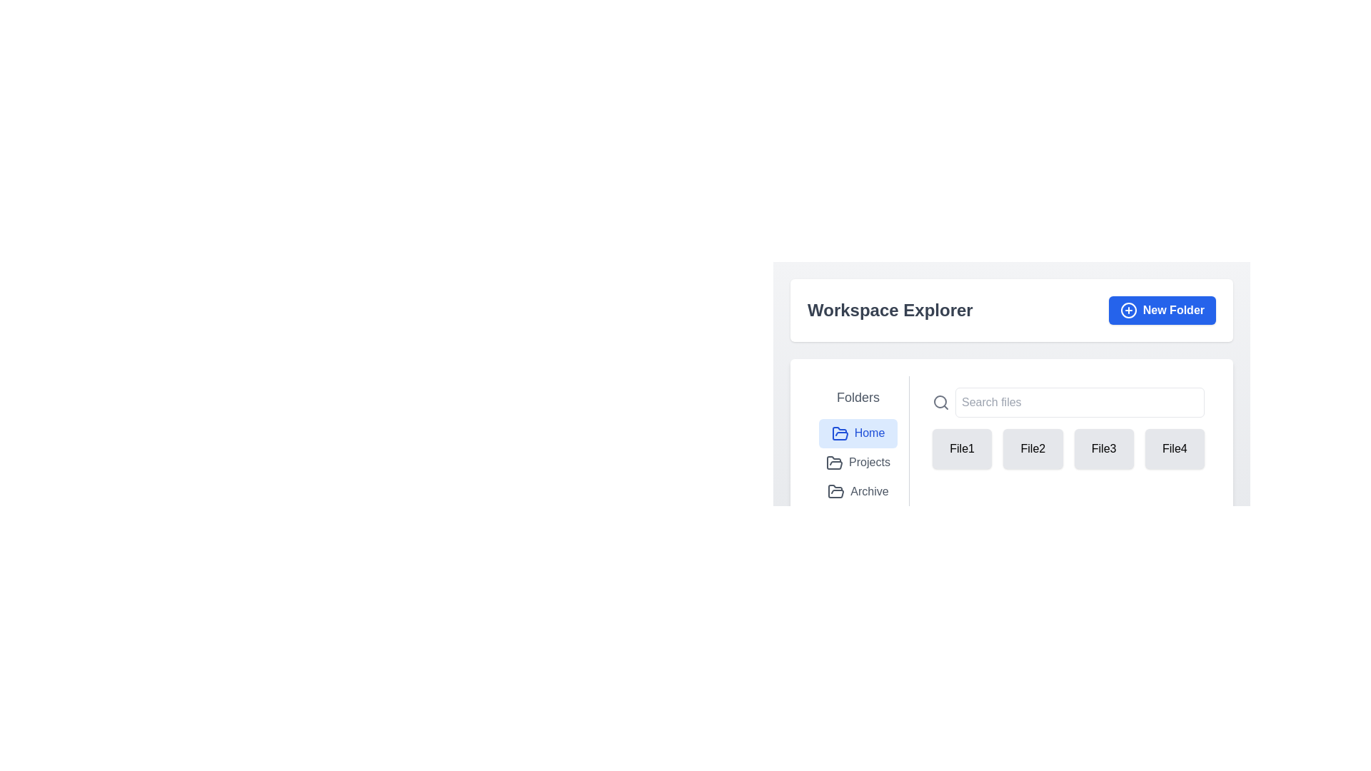  What do you see at coordinates (1033, 448) in the screenshot?
I see `the second file or folder button in the file explorer interface` at bounding box center [1033, 448].